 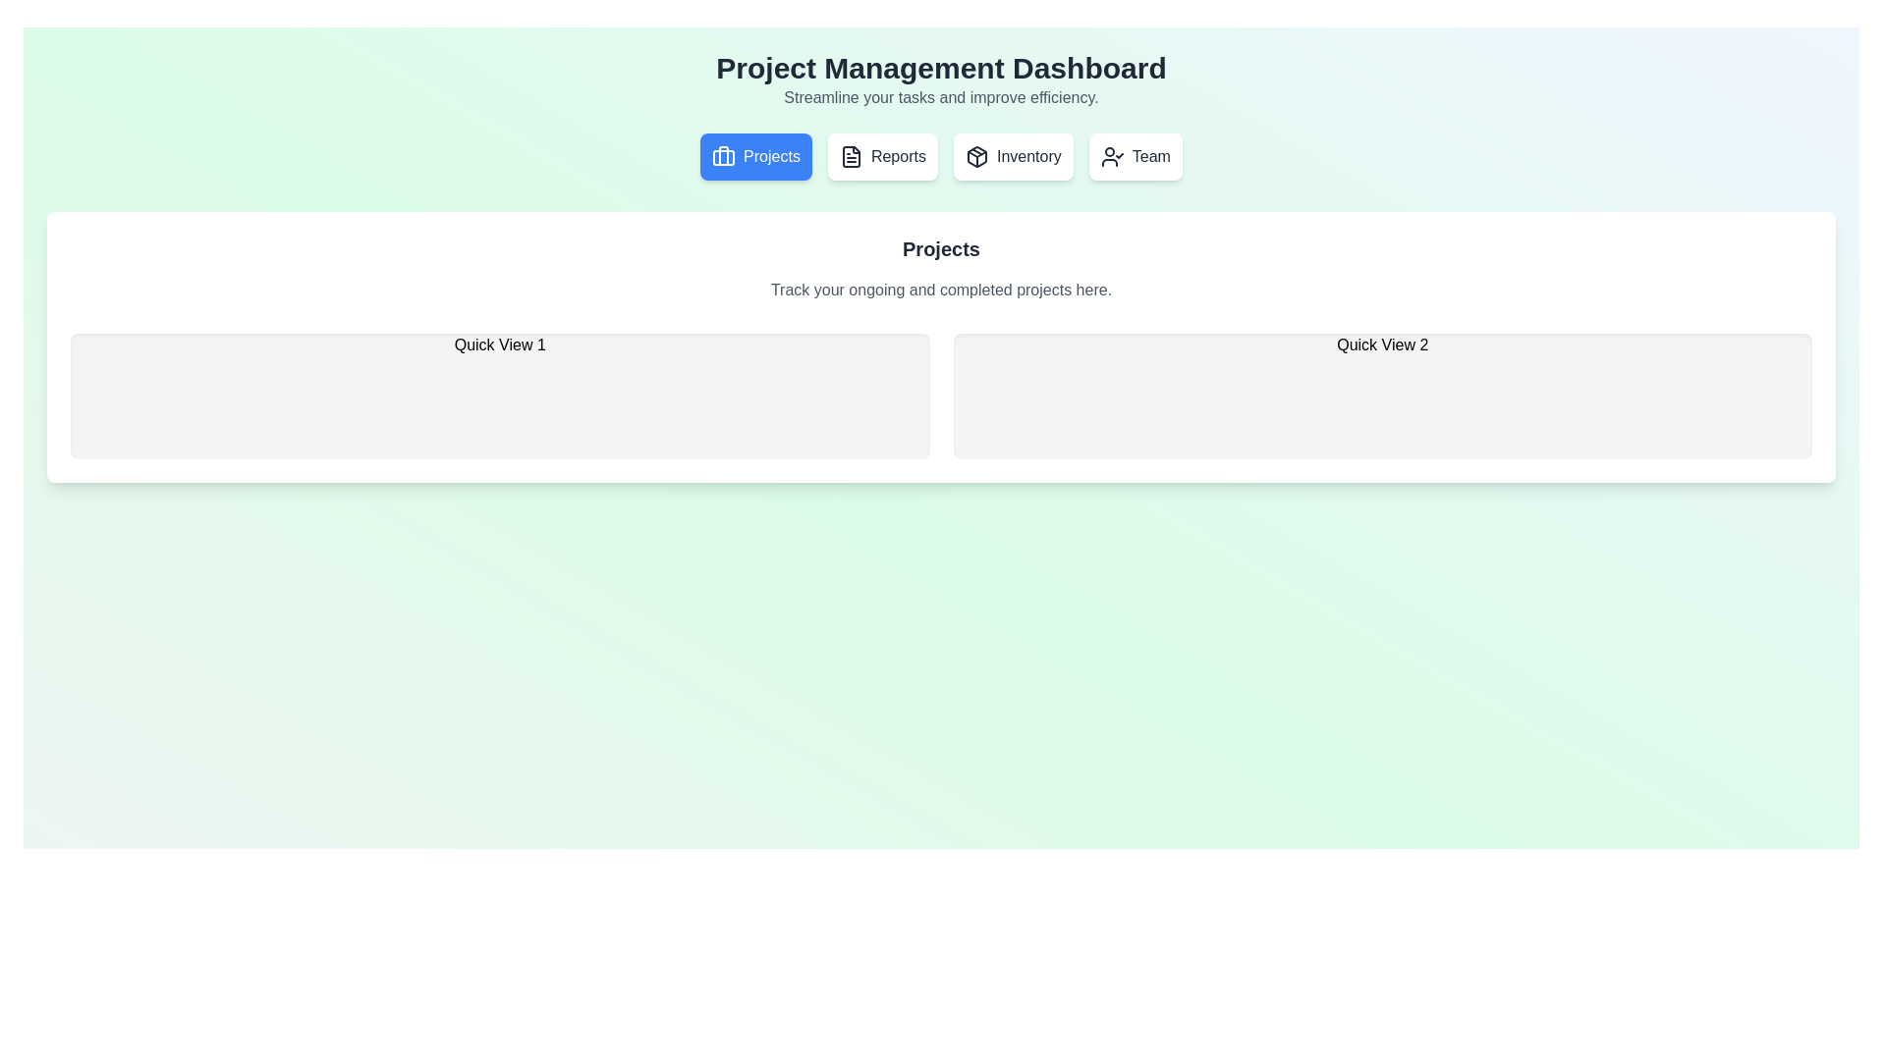 What do you see at coordinates (940, 248) in the screenshot?
I see `the 'Projects' text label, which serves as a title or heading within a white panel, positioned above the subtitle 'Track your ongoing and completed projects here.'` at bounding box center [940, 248].